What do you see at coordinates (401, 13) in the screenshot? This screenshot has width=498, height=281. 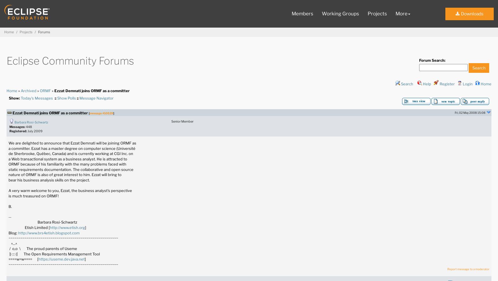 I see `'More'` at bounding box center [401, 13].